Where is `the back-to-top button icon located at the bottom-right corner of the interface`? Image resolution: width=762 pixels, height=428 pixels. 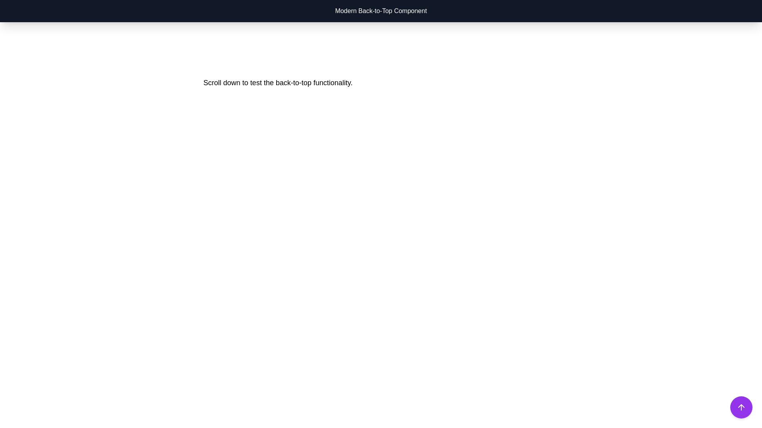 the back-to-top button icon located at the bottom-right corner of the interface is located at coordinates (741, 407).